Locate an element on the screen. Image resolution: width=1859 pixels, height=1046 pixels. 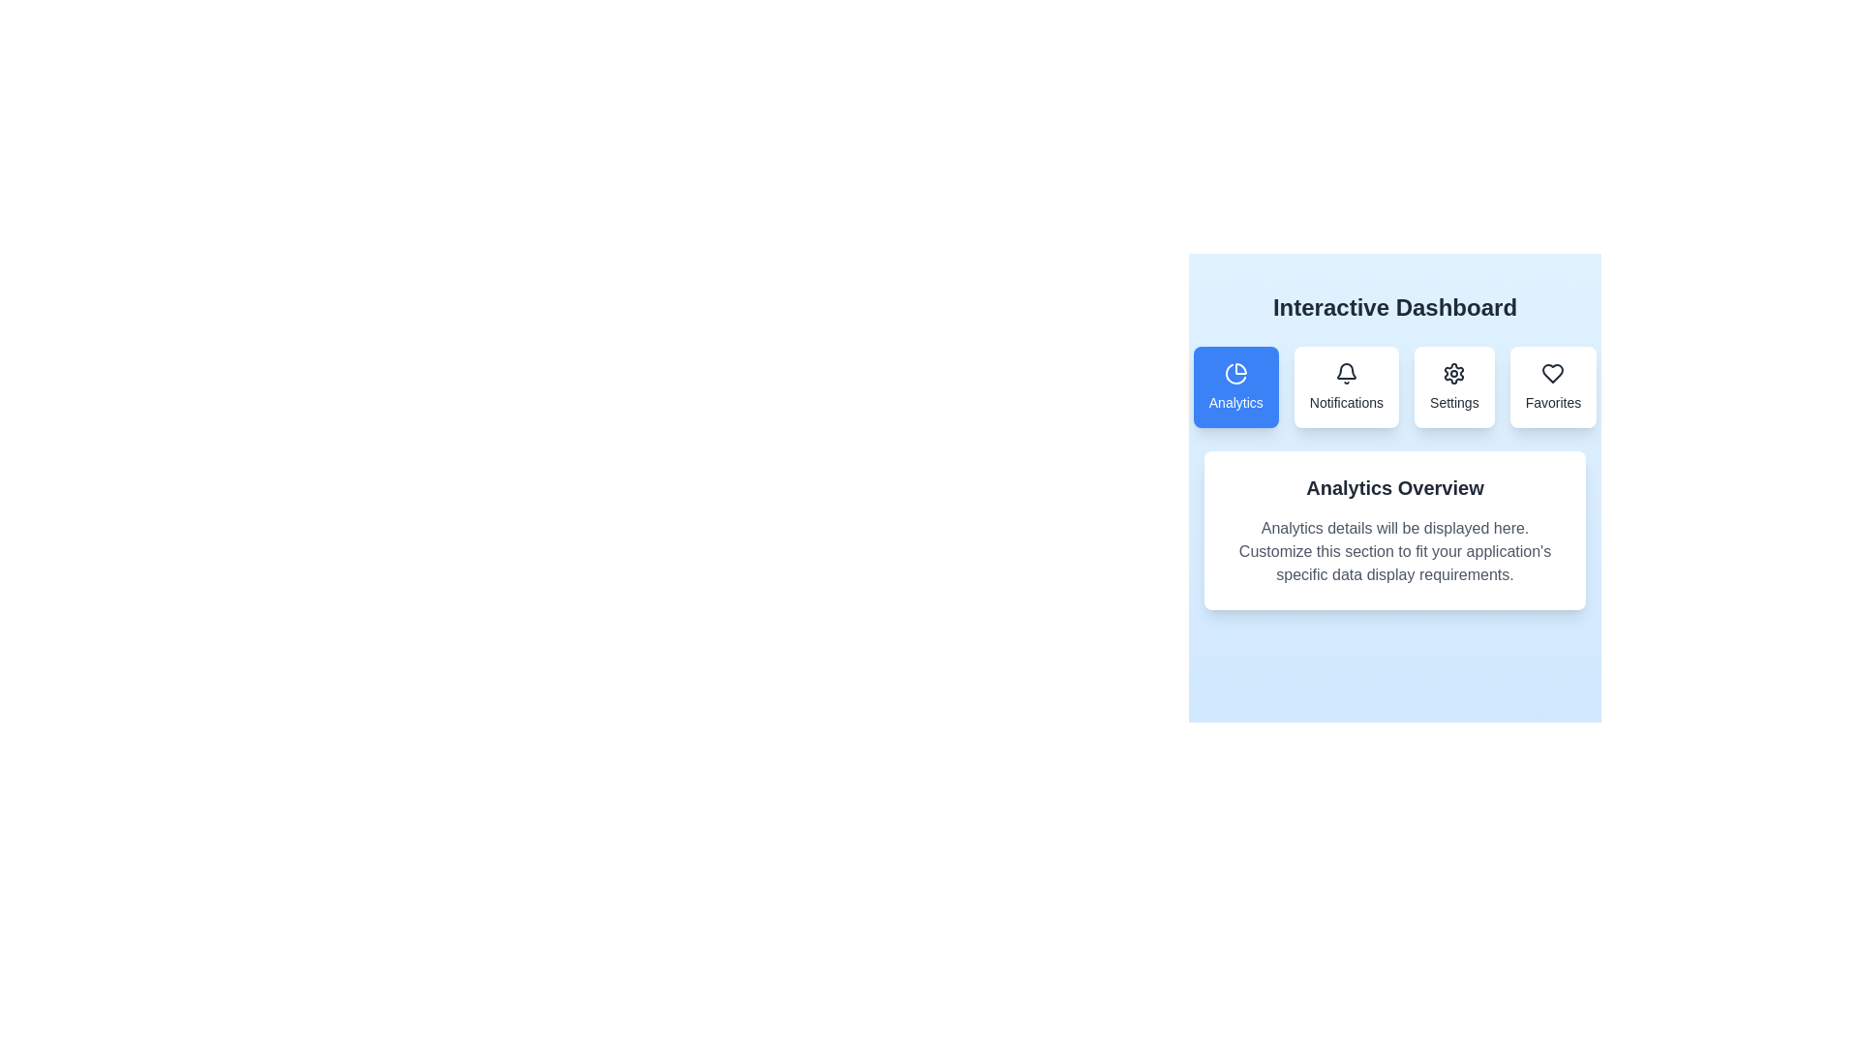
the 'Analytics Overview' informational section located beneath the row of buttons labeled 'Analytics', 'Notifications', 'Settings', and 'Favorites' is located at coordinates (1394, 477).